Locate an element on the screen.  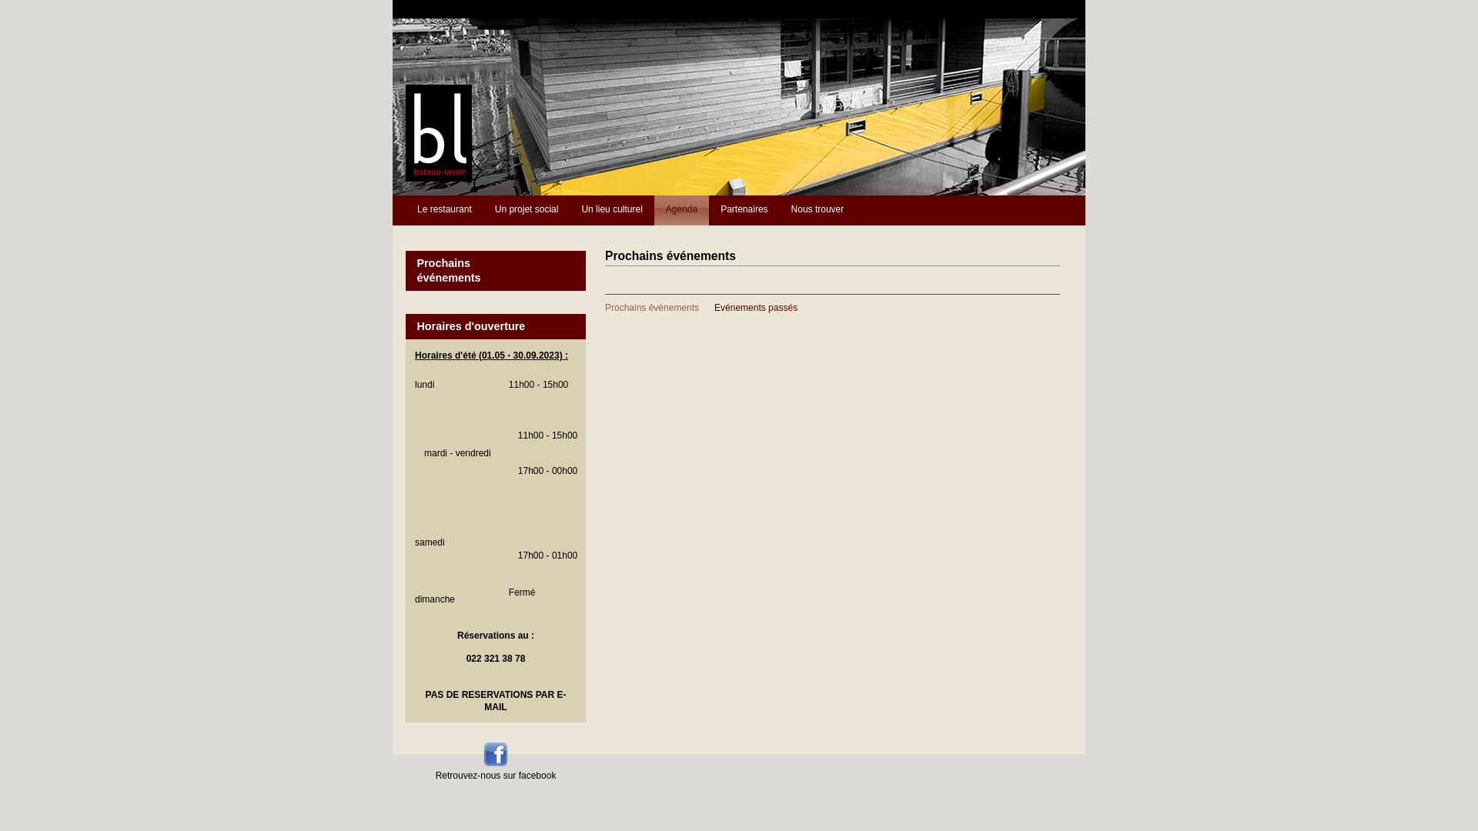
'Nous trouver' is located at coordinates (817, 210).